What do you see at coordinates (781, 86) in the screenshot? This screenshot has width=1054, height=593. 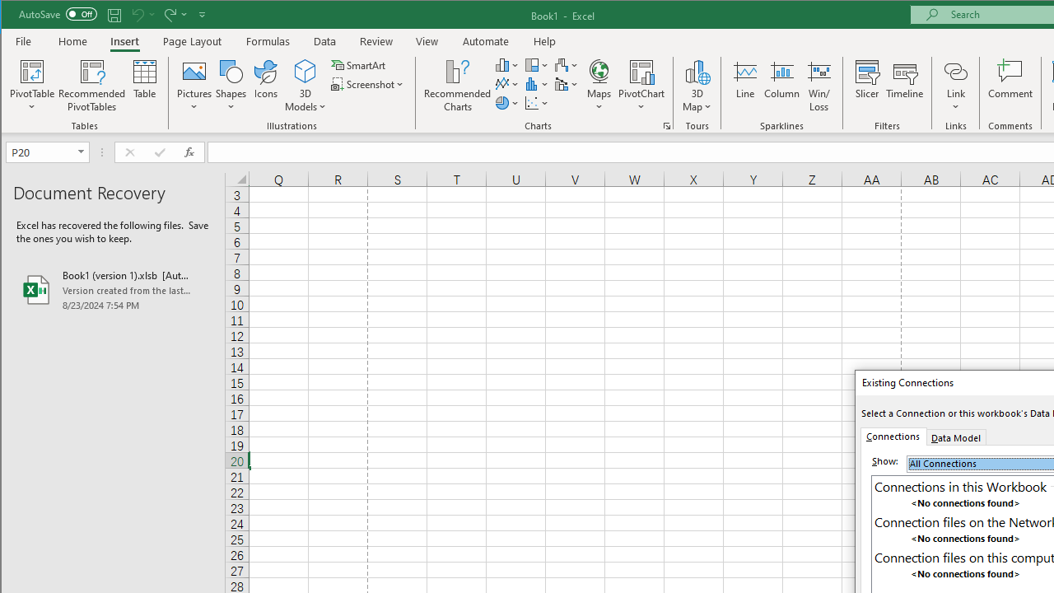 I see `'Column'` at bounding box center [781, 86].